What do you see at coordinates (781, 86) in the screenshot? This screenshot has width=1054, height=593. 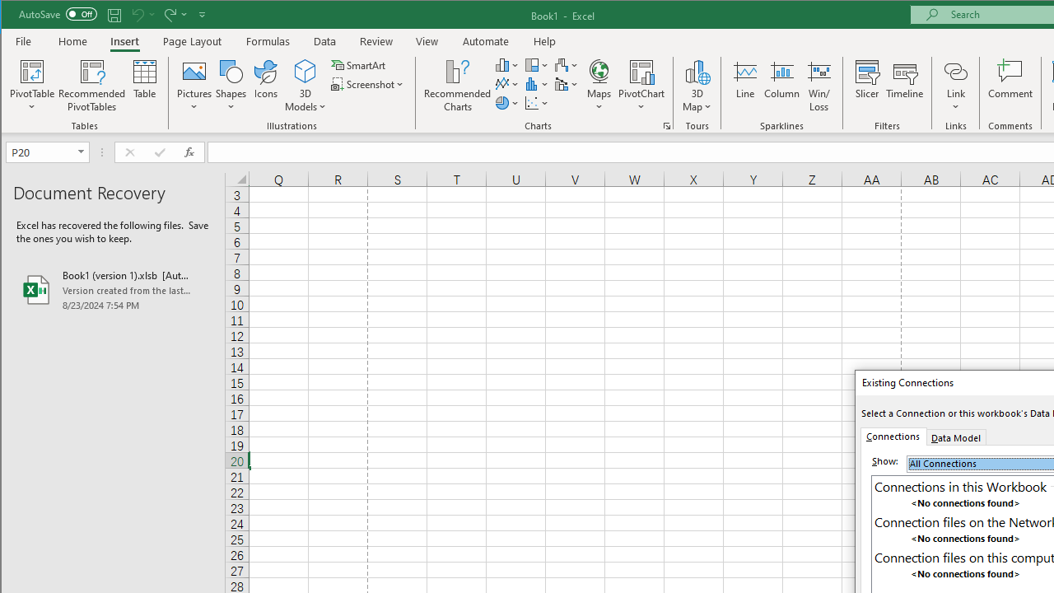 I see `'Column'` at bounding box center [781, 86].